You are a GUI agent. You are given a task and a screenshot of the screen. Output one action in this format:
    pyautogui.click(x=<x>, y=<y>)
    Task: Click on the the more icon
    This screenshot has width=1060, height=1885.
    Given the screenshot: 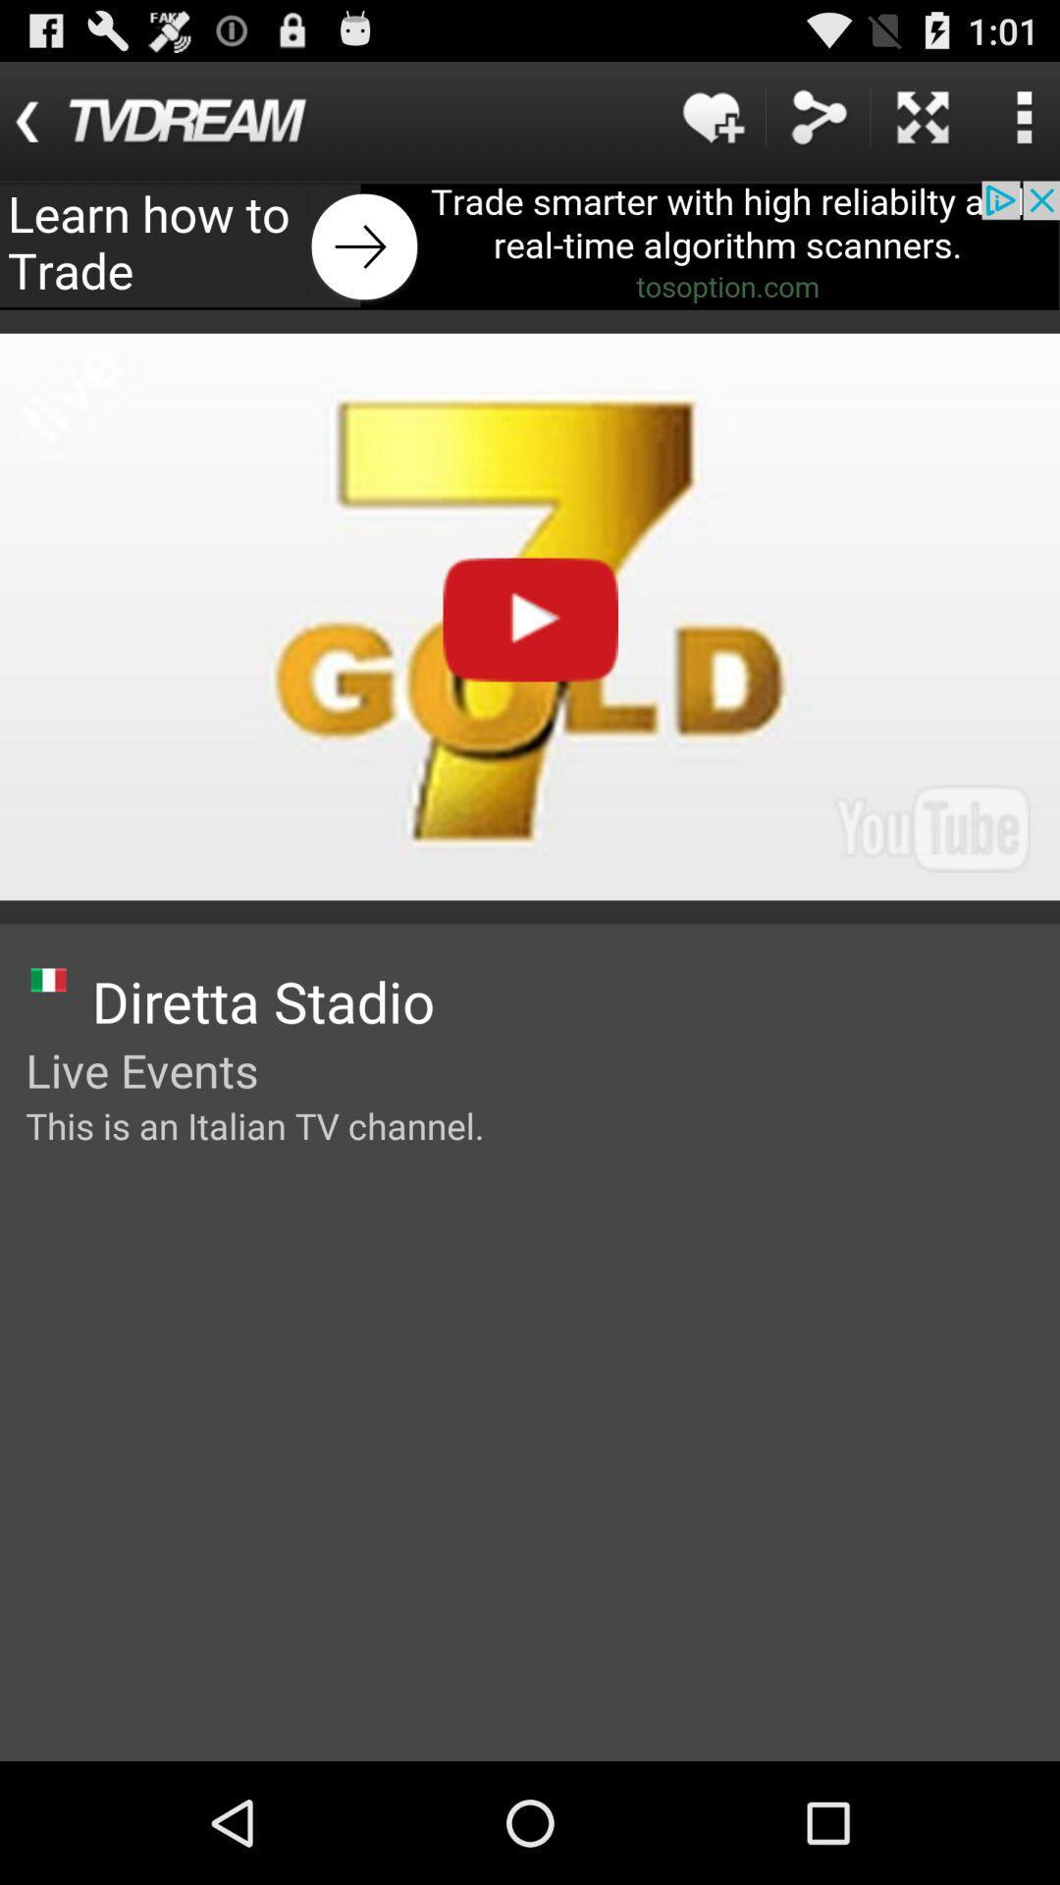 What is the action you would take?
    pyautogui.click(x=1023, y=125)
    